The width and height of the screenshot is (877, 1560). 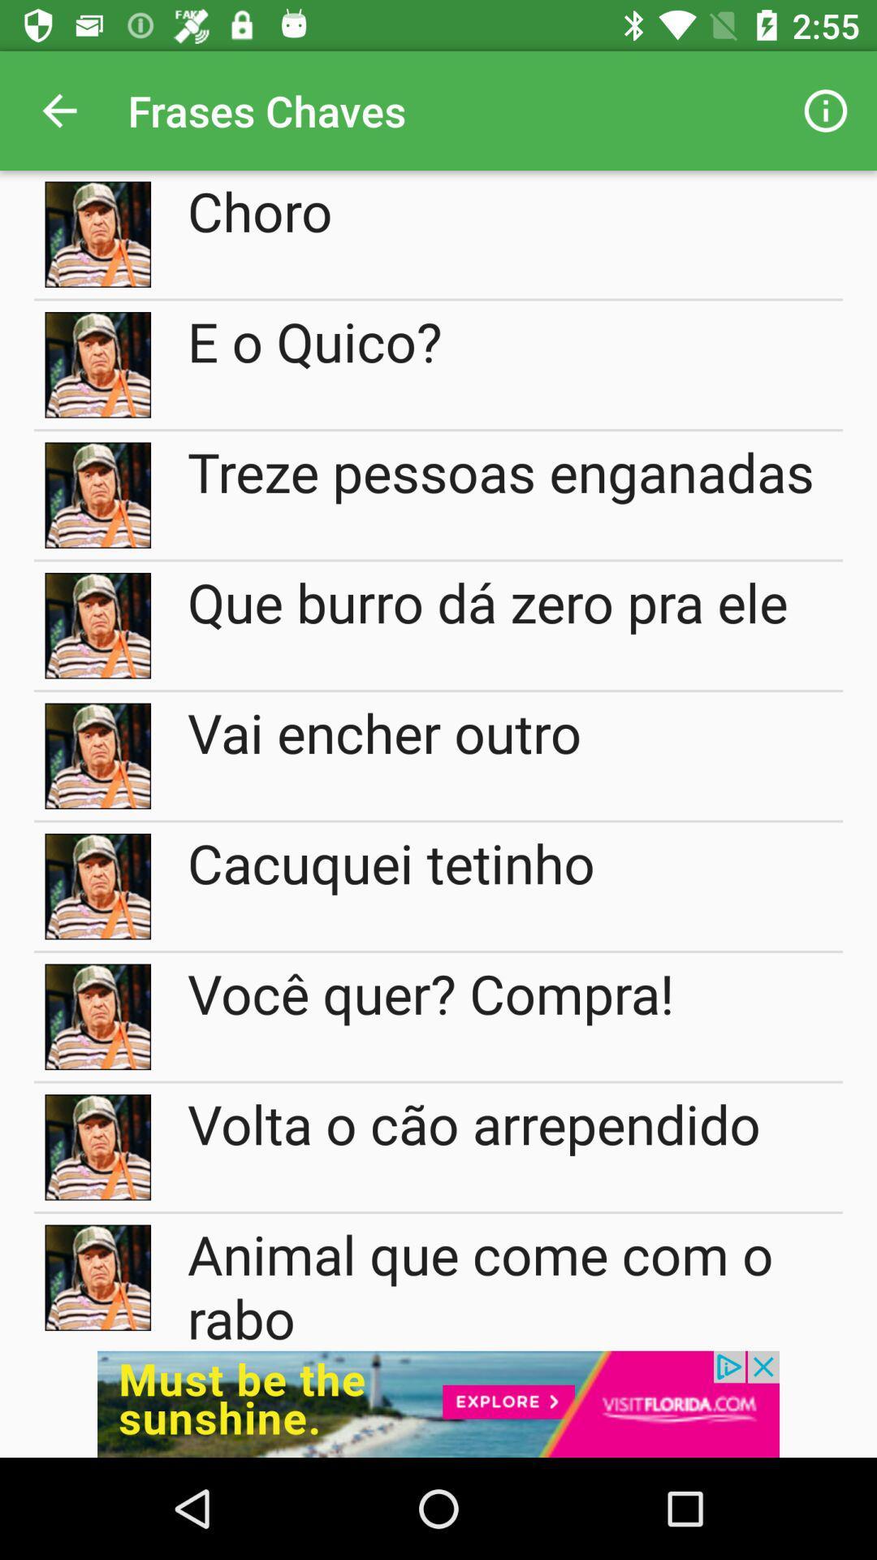 I want to click on display advertisement, so click(x=438, y=1403).